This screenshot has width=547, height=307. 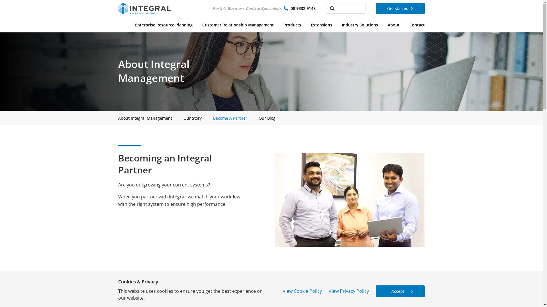 What do you see at coordinates (193, 118) in the screenshot?
I see `'Our Story'` at bounding box center [193, 118].